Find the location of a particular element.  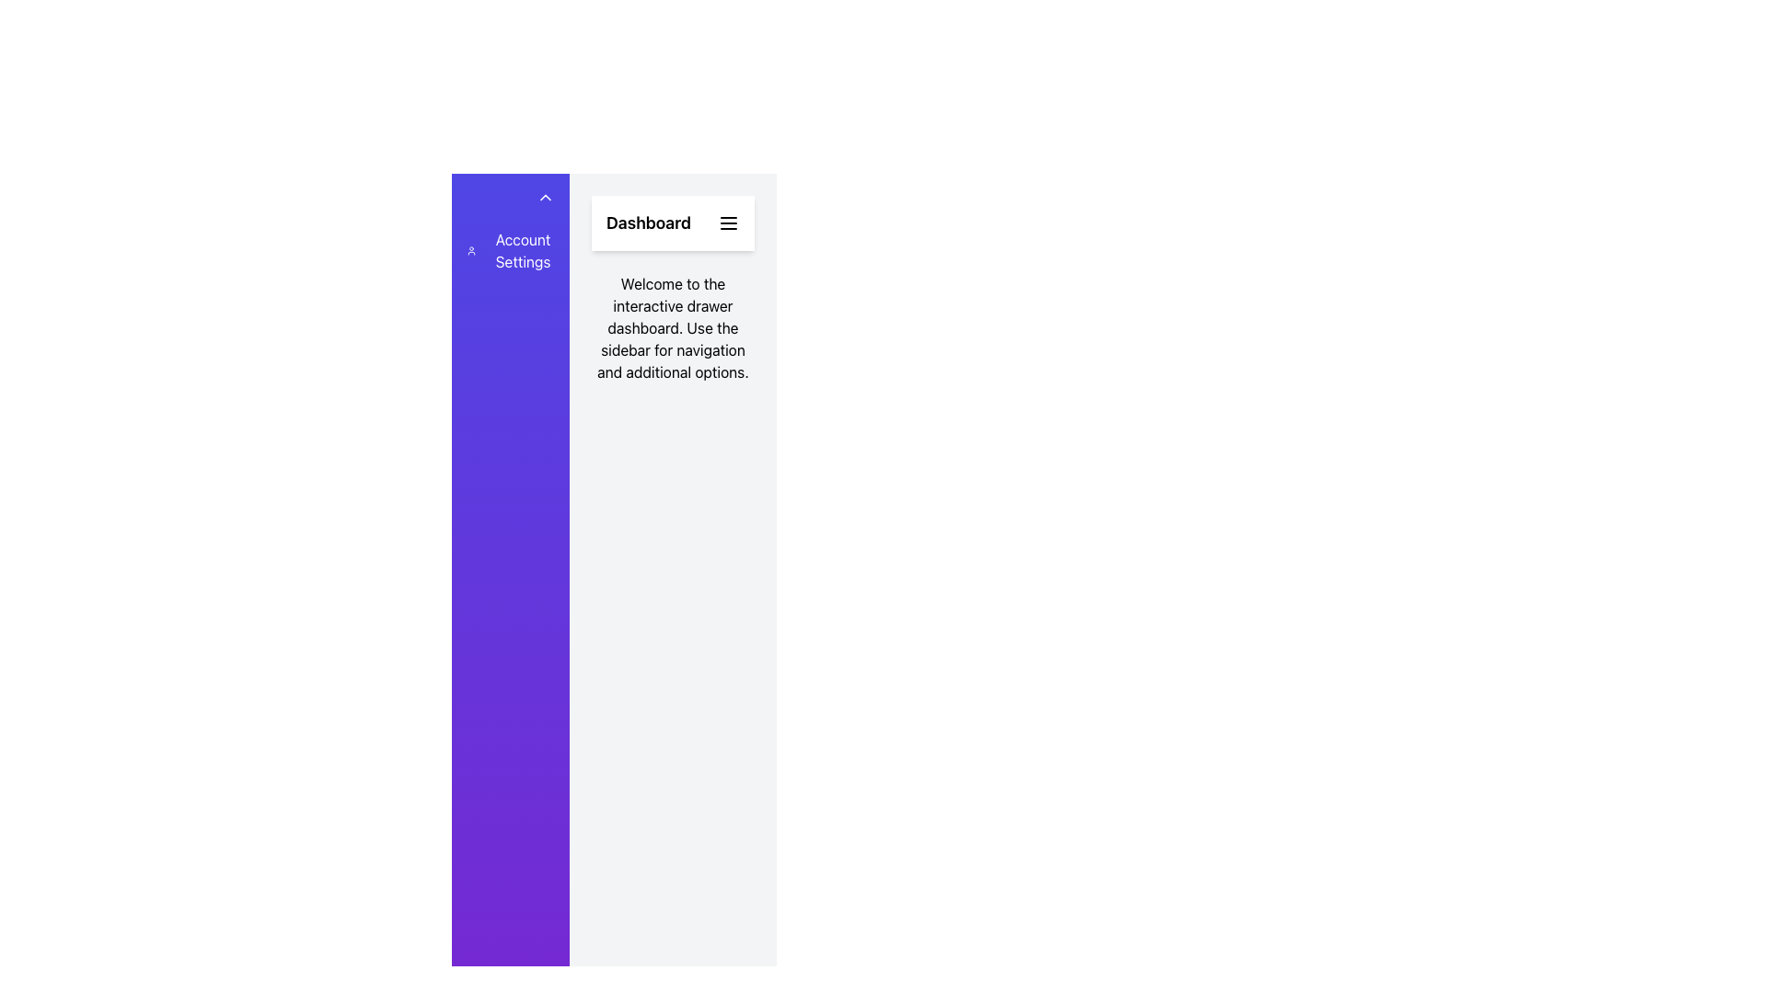

the icon-based button located in the header section to the right of the 'Dashboard' text is located at coordinates (728, 223).